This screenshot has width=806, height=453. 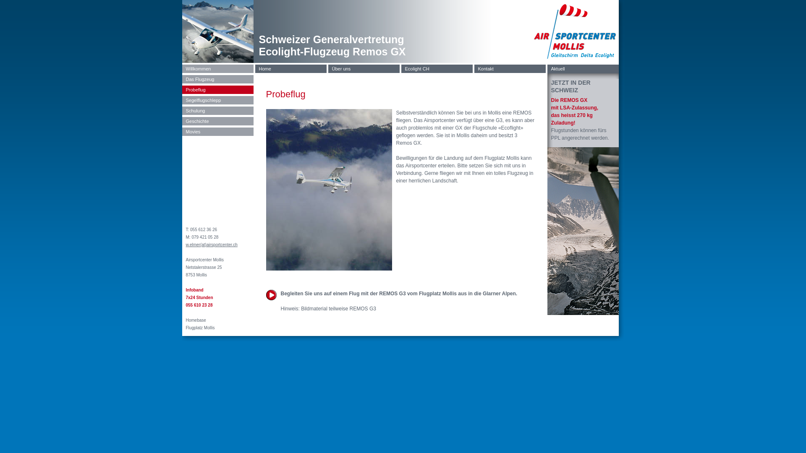 What do you see at coordinates (181, 68) in the screenshot?
I see `'Willkommen'` at bounding box center [181, 68].